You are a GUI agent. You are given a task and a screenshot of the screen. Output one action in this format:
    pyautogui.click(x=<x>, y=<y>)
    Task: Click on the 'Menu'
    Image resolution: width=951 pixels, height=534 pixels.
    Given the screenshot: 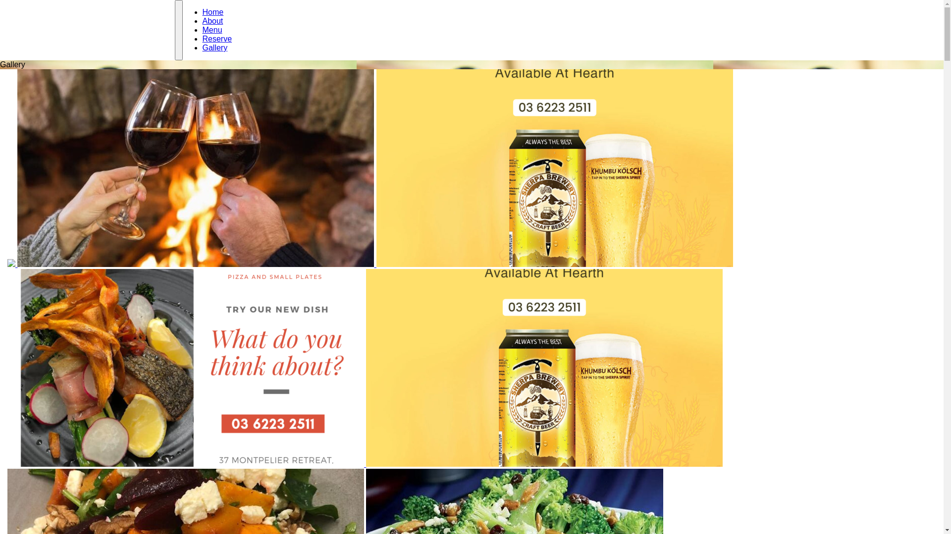 What is the action you would take?
    pyautogui.click(x=202, y=29)
    